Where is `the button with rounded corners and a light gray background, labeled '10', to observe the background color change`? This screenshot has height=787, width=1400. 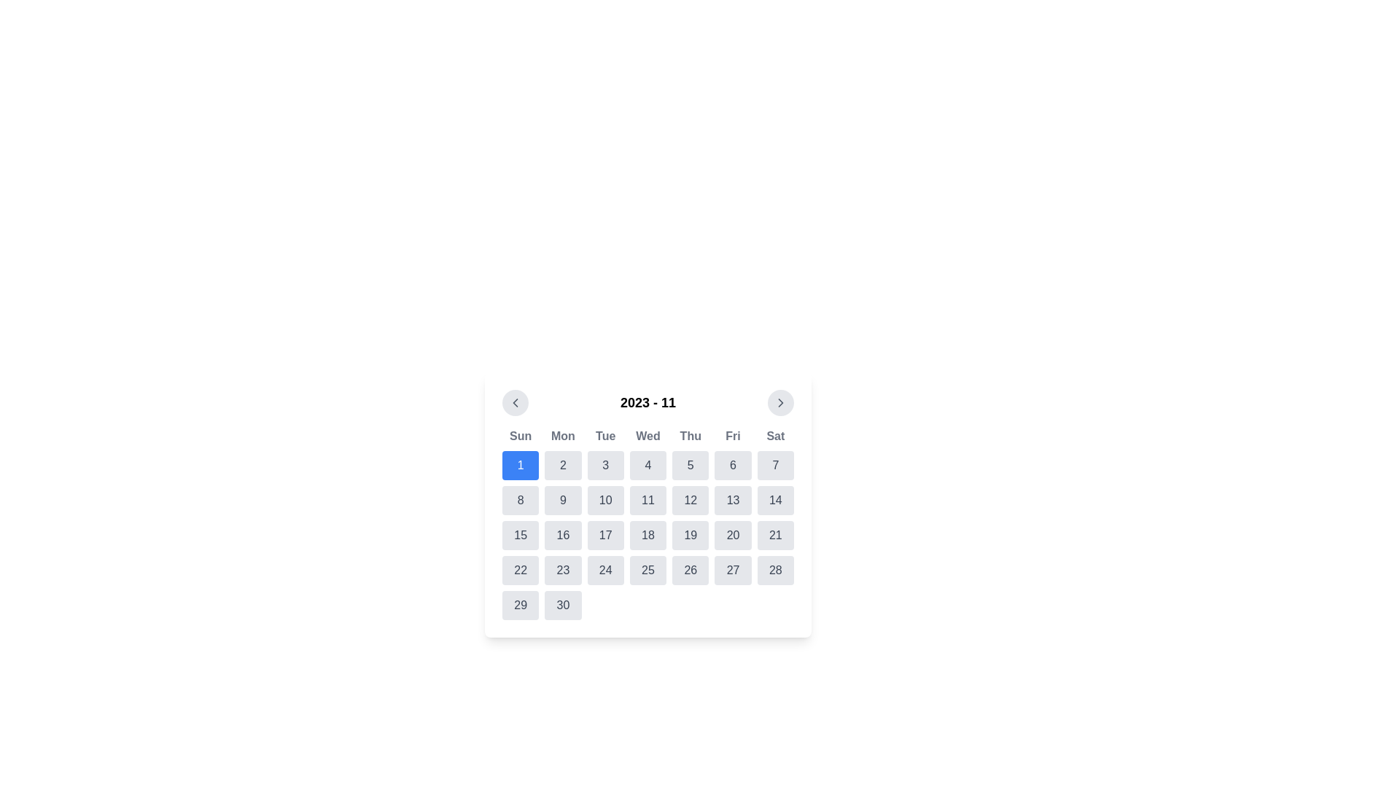
the button with rounded corners and a light gray background, labeled '10', to observe the background color change is located at coordinates (605, 499).